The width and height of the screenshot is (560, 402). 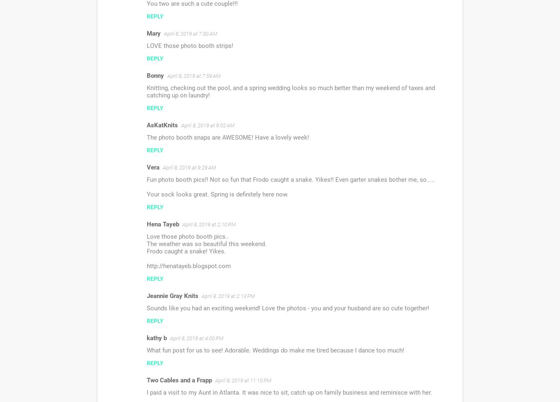 I want to click on 'Sounds like you had an exciting weekend!  Love the photos - you and your husband are so cute together!', so click(x=146, y=308).